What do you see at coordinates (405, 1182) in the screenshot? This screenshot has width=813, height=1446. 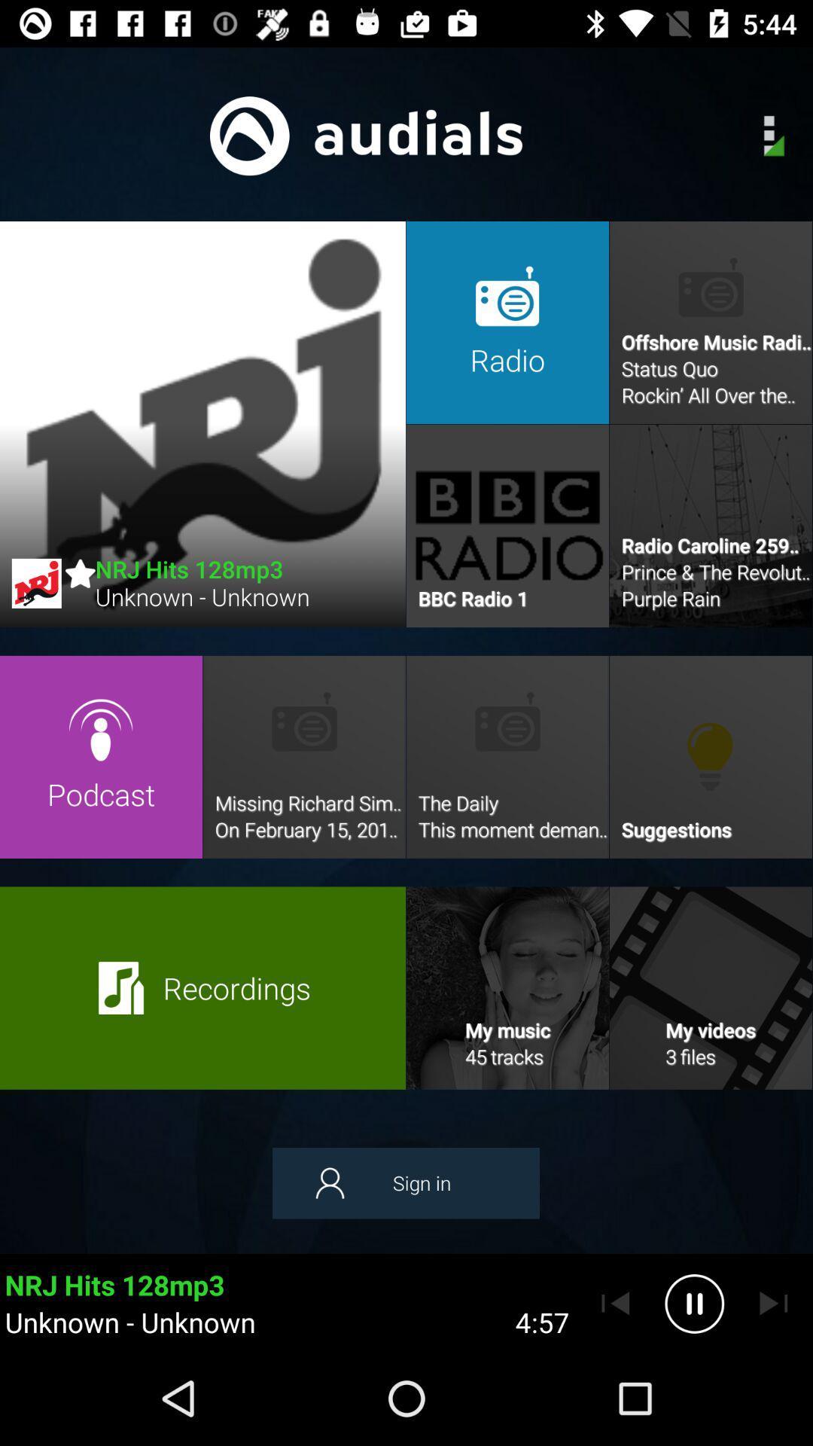 I see `the item above the unknown - unknown icon` at bounding box center [405, 1182].